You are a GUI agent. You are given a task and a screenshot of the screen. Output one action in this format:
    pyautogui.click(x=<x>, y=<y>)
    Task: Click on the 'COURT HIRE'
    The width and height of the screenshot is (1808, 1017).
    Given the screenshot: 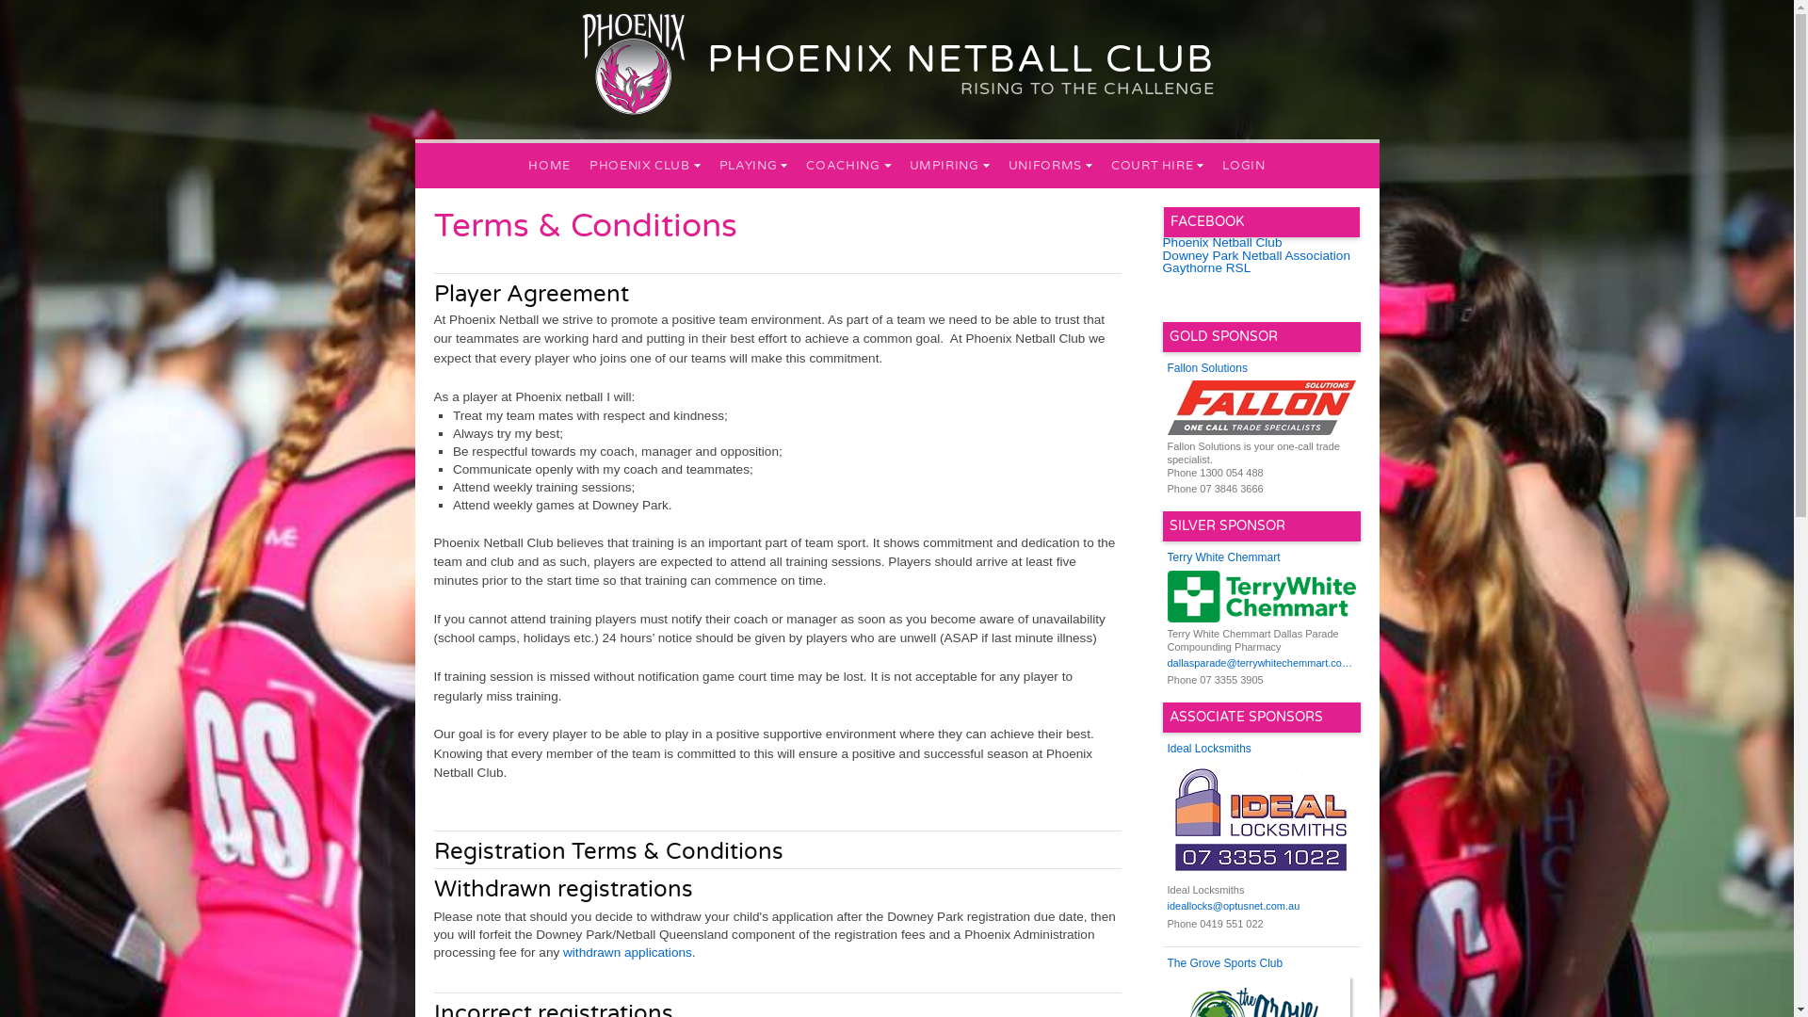 What is the action you would take?
    pyautogui.click(x=1156, y=165)
    